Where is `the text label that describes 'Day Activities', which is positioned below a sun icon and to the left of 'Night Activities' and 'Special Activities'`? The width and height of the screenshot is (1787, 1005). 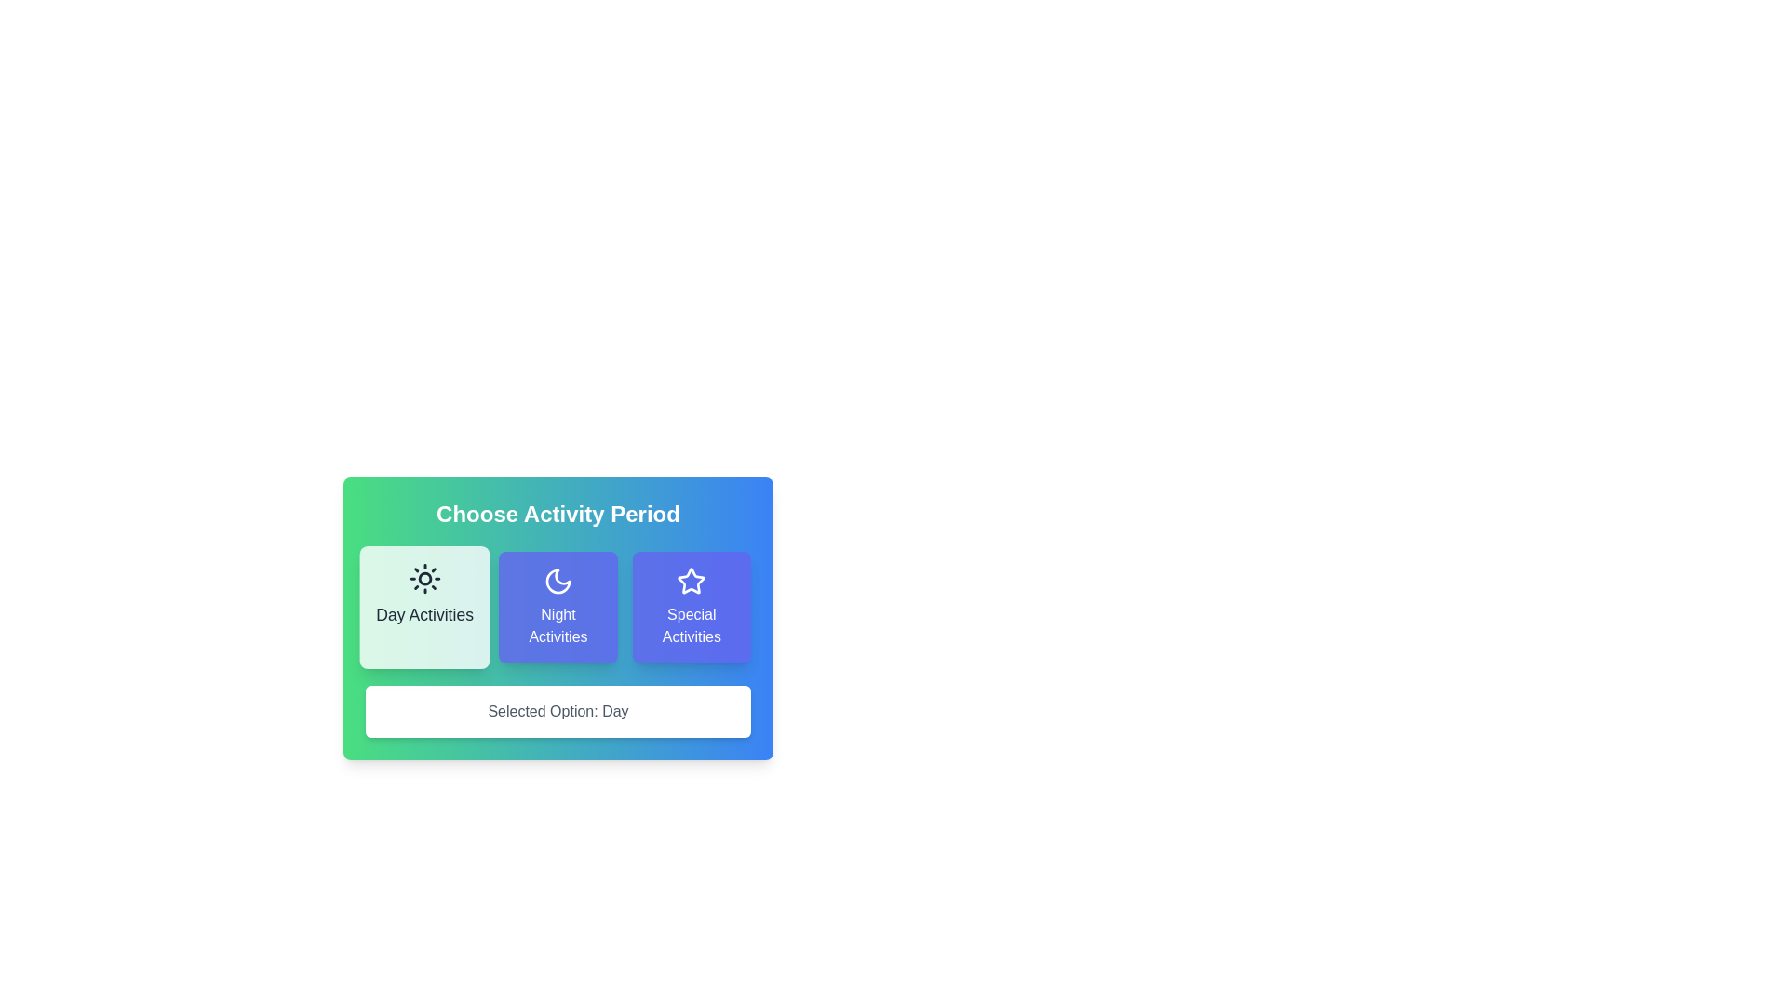
the text label that describes 'Day Activities', which is positioned below a sun icon and to the left of 'Night Activities' and 'Special Activities' is located at coordinates (423, 615).